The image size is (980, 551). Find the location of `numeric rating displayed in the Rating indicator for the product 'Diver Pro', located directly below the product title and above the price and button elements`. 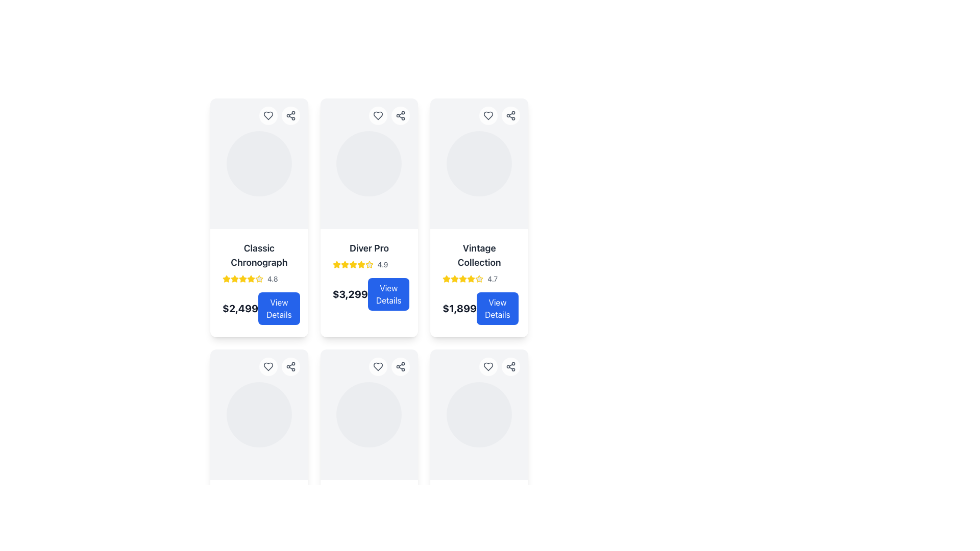

numeric rating displayed in the Rating indicator for the product 'Diver Pro', located directly below the product title and above the price and button elements is located at coordinates (369, 264).